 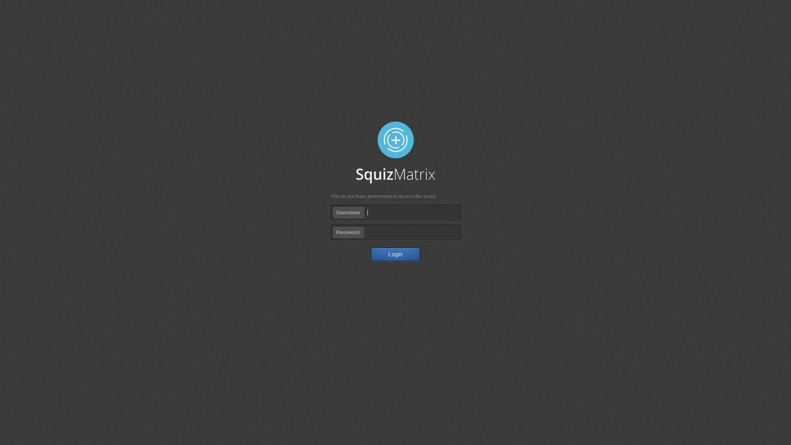 What do you see at coordinates (395, 254) in the screenshot?
I see `'Login'` at bounding box center [395, 254].